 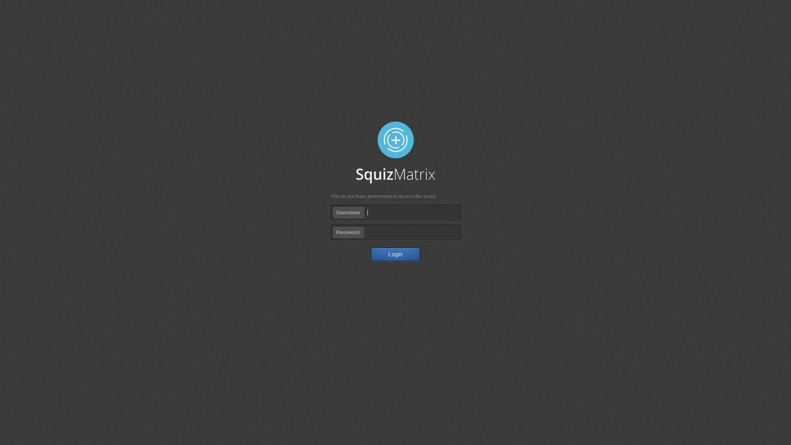 What do you see at coordinates (395, 254) in the screenshot?
I see `'Login'` at bounding box center [395, 254].